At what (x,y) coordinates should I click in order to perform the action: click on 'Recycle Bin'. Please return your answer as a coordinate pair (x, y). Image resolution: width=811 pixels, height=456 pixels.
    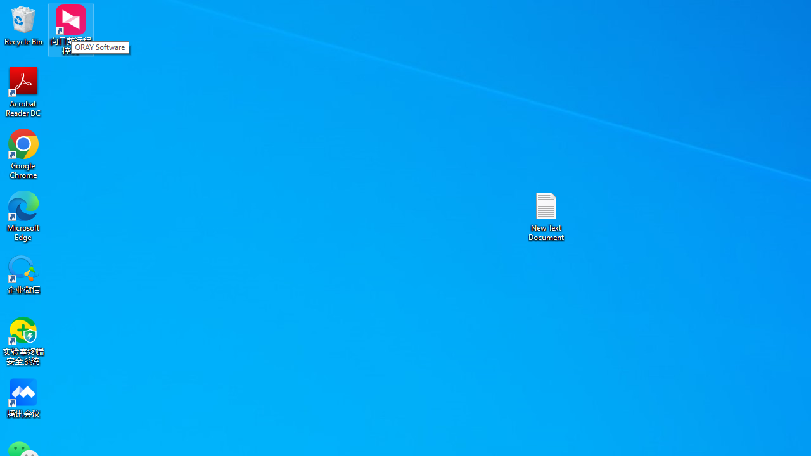
    Looking at the image, I should click on (23, 25).